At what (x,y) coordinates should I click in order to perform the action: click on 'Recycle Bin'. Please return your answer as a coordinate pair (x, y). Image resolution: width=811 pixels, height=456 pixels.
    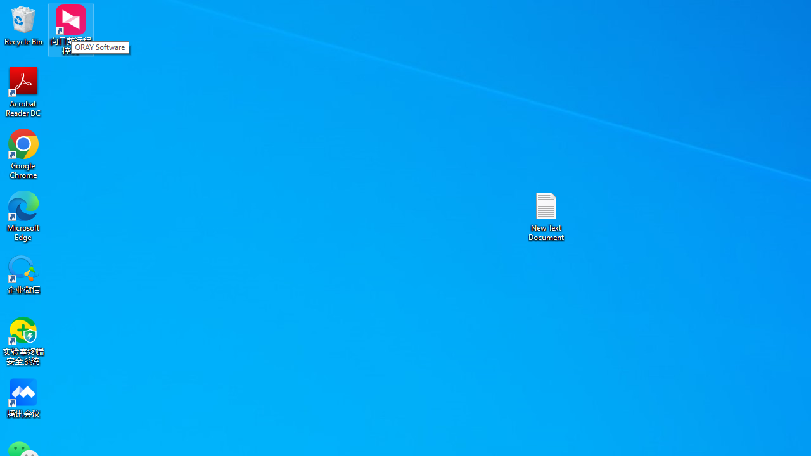
    Looking at the image, I should click on (23, 25).